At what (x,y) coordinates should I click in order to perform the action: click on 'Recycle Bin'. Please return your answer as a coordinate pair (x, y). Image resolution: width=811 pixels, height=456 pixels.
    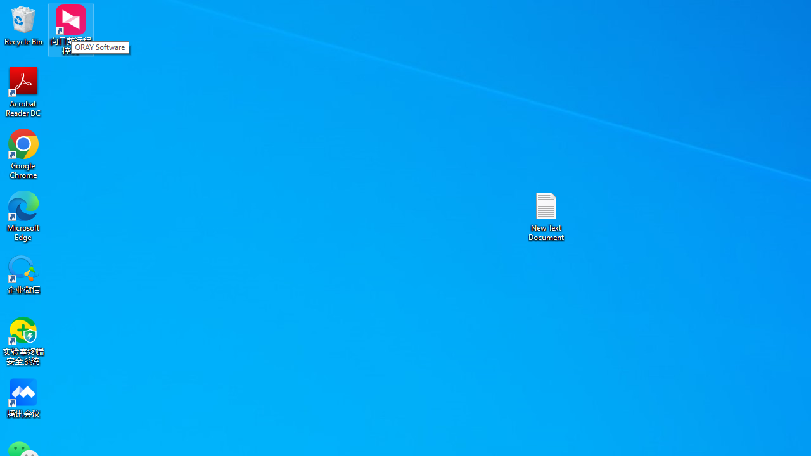
    Looking at the image, I should click on (23, 25).